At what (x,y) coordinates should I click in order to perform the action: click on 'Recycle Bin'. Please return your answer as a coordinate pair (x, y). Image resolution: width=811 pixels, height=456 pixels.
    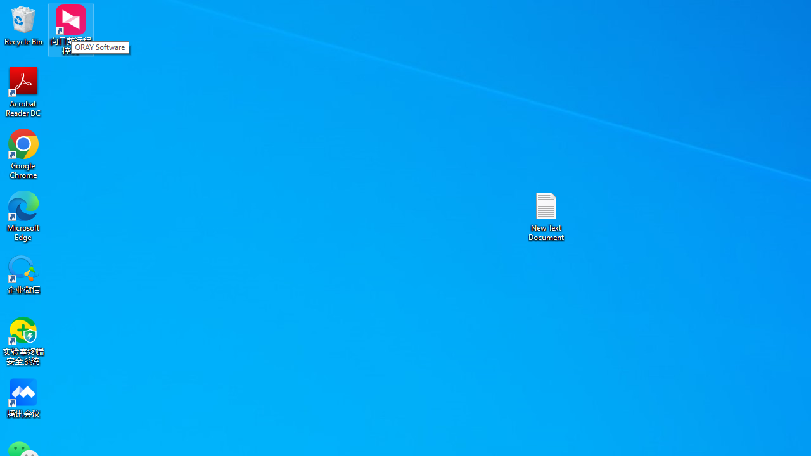
    Looking at the image, I should click on (23, 25).